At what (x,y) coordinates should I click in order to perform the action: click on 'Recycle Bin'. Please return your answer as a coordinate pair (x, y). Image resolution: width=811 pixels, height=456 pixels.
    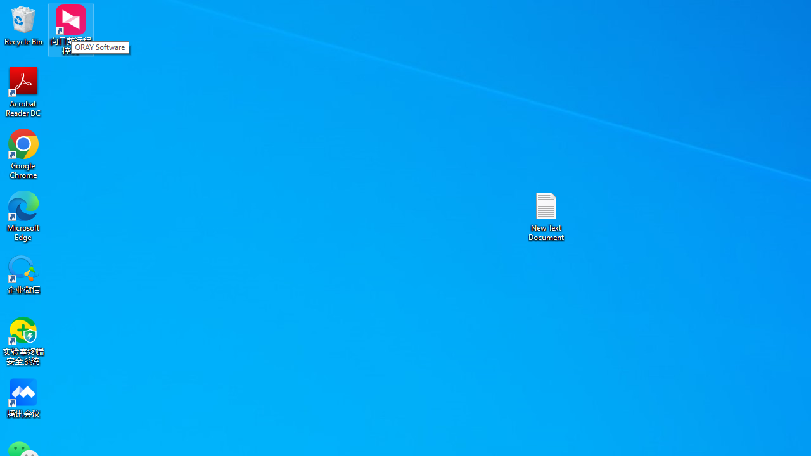
    Looking at the image, I should click on (23, 25).